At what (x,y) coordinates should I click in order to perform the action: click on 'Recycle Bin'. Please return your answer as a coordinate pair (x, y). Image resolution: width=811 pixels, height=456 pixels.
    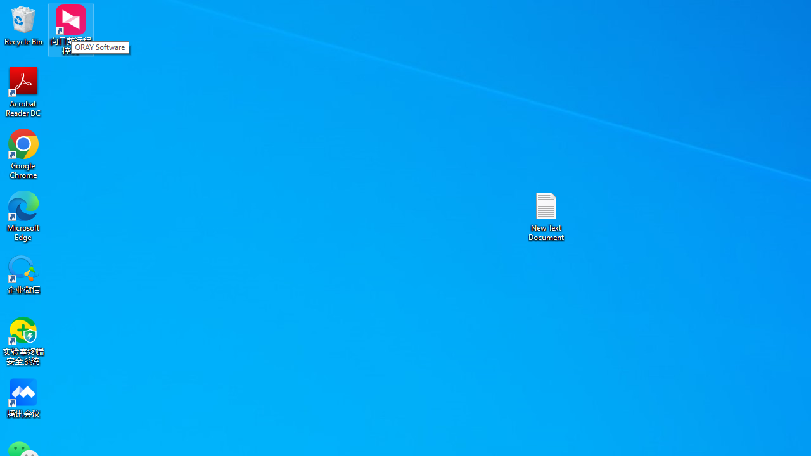
    Looking at the image, I should click on (23, 25).